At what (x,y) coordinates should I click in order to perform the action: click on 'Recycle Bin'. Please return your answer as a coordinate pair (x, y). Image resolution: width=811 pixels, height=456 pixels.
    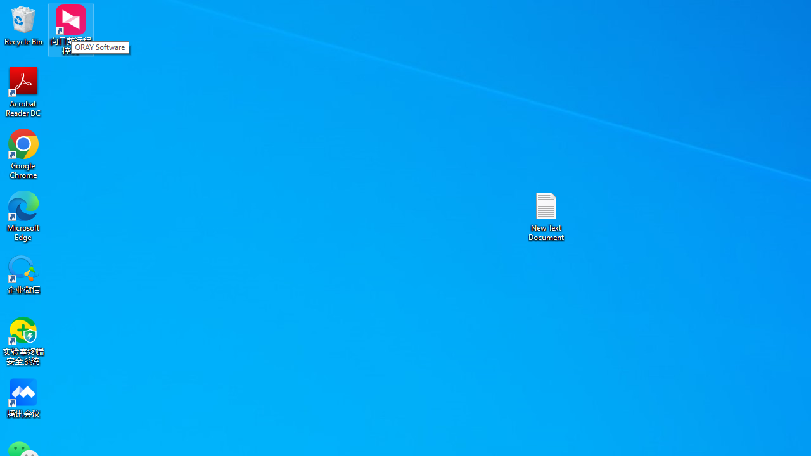
    Looking at the image, I should click on (23, 25).